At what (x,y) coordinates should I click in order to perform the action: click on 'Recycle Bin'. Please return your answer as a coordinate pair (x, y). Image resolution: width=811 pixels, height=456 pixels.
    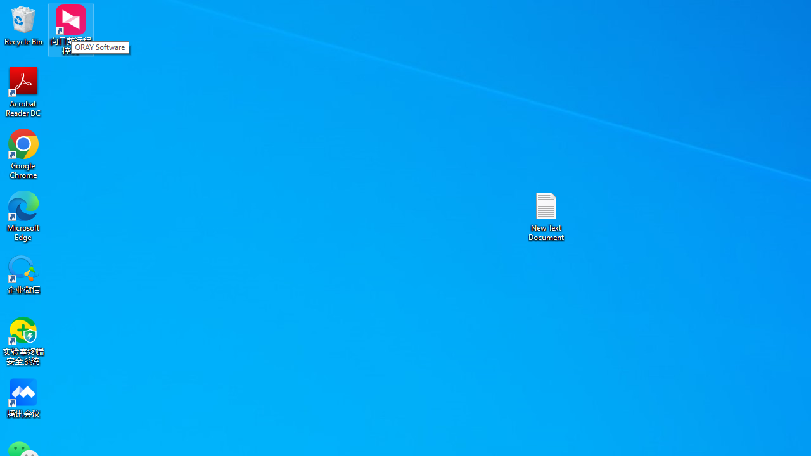
    Looking at the image, I should click on (23, 25).